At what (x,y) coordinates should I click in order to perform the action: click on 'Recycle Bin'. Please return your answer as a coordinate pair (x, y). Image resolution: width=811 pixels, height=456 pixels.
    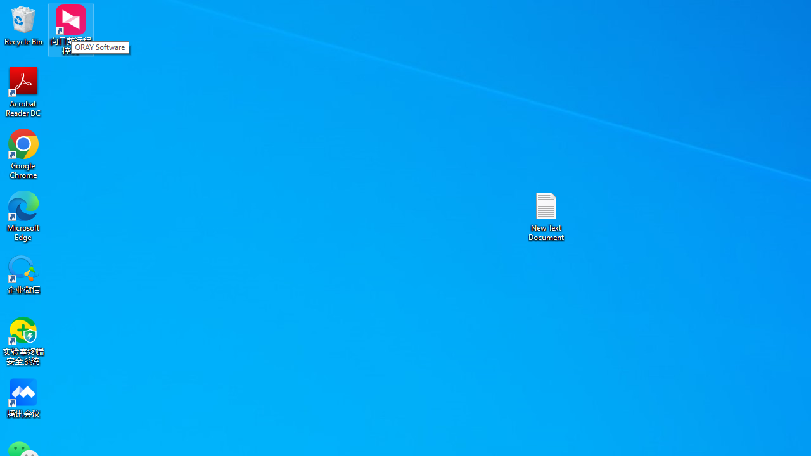
    Looking at the image, I should click on (23, 25).